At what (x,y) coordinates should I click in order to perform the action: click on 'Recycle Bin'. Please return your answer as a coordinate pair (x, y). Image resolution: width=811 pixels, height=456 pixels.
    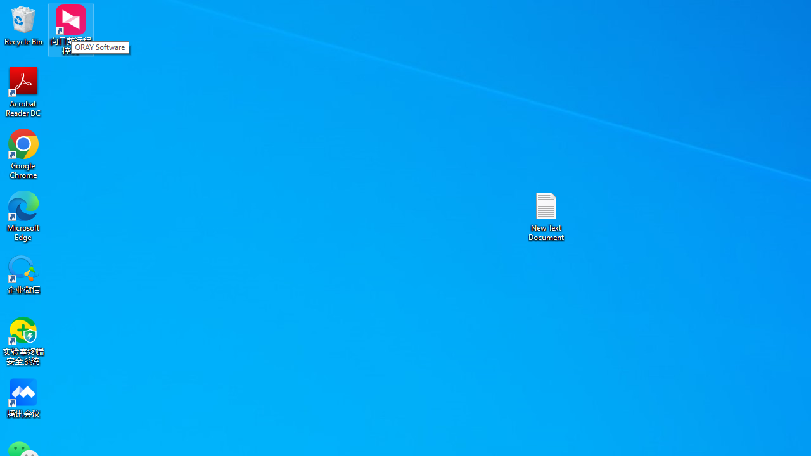
    Looking at the image, I should click on (23, 25).